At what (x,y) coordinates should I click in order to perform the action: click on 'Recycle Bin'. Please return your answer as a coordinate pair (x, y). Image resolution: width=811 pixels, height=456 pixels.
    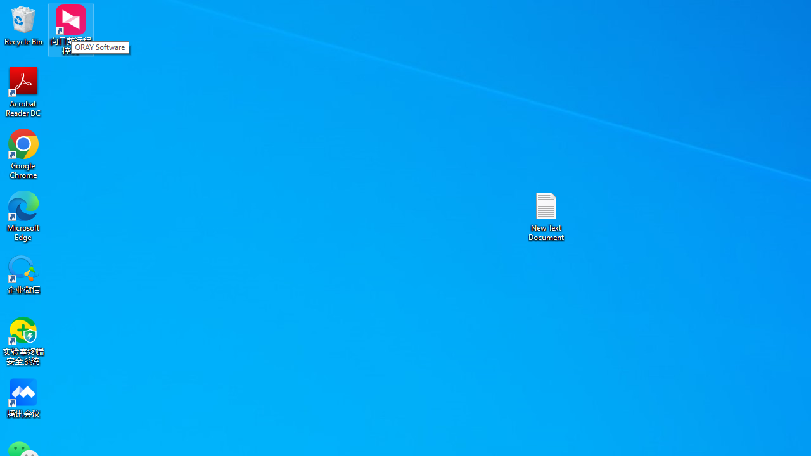
    Looking at the image, I should click on (23, 25).